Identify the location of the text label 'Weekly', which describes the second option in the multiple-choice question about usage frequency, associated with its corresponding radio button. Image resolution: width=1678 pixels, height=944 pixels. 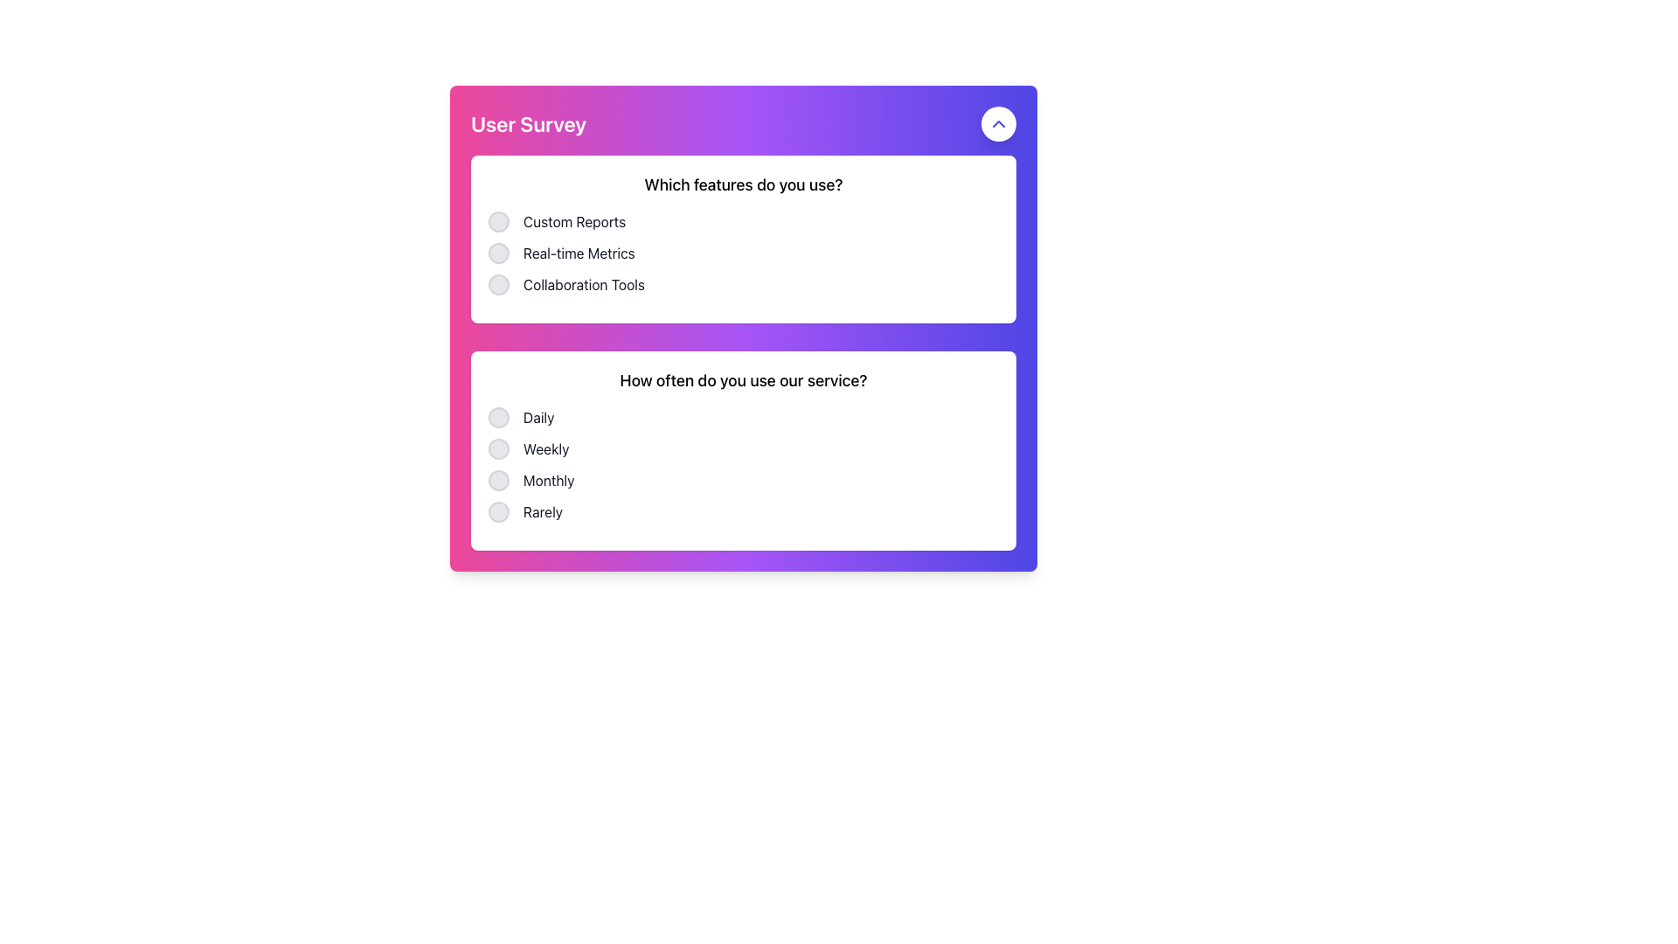
(545, 448).